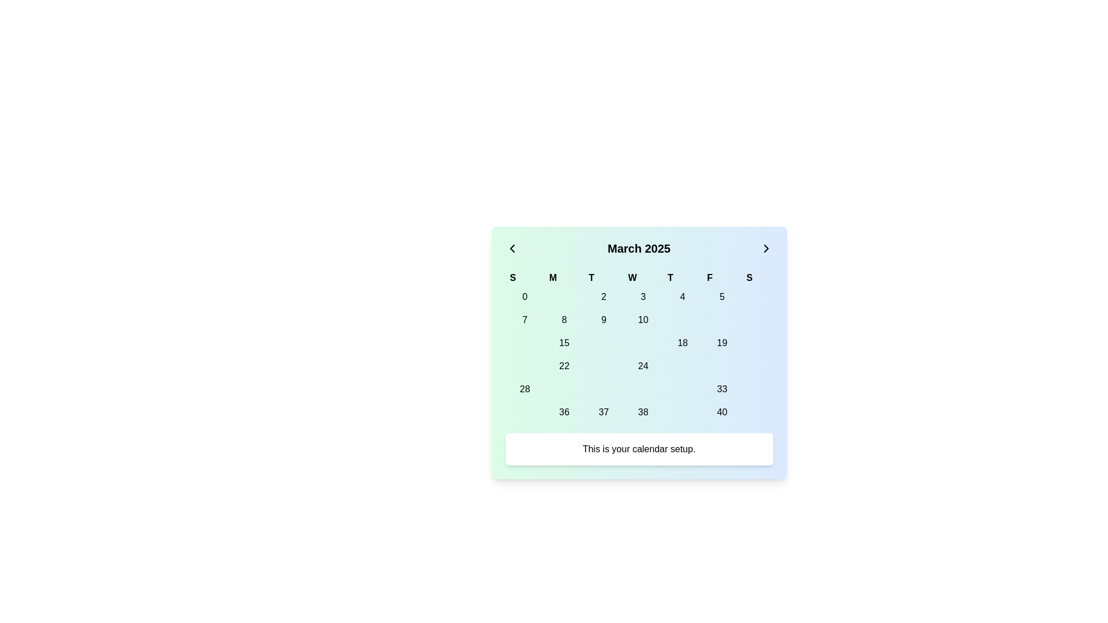 The height and width of the screenshot is (623, 1108). Describe the element at coordinates (638, 346) in the screenshot. I see `the layout of the Calendar Grid Display, which features a table-like structure with weekday labels and numbered dates, set against a gradient background` at that location.